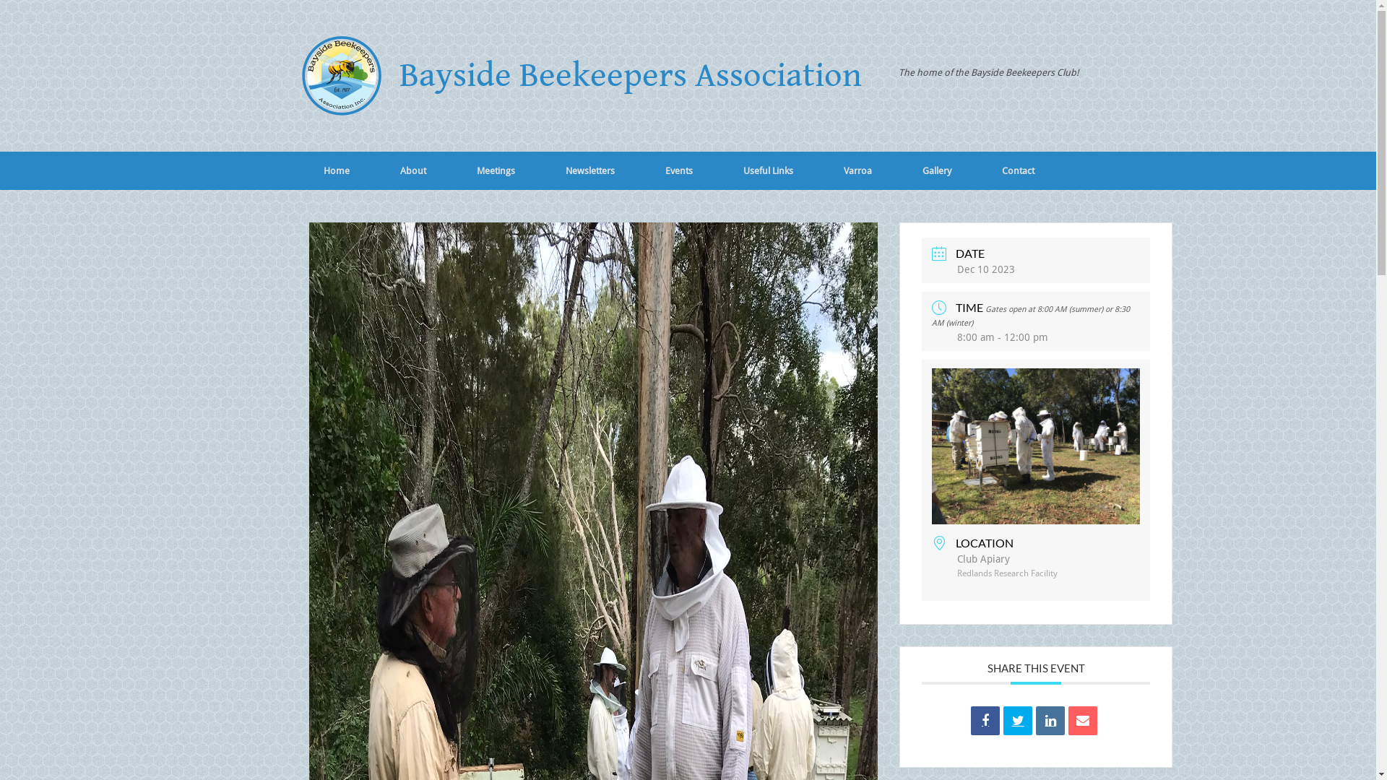 The image size is (1387, 780). Describe the element at coordinates (540, 170) in the screenshot. I see `'Newsletters'` at that location.